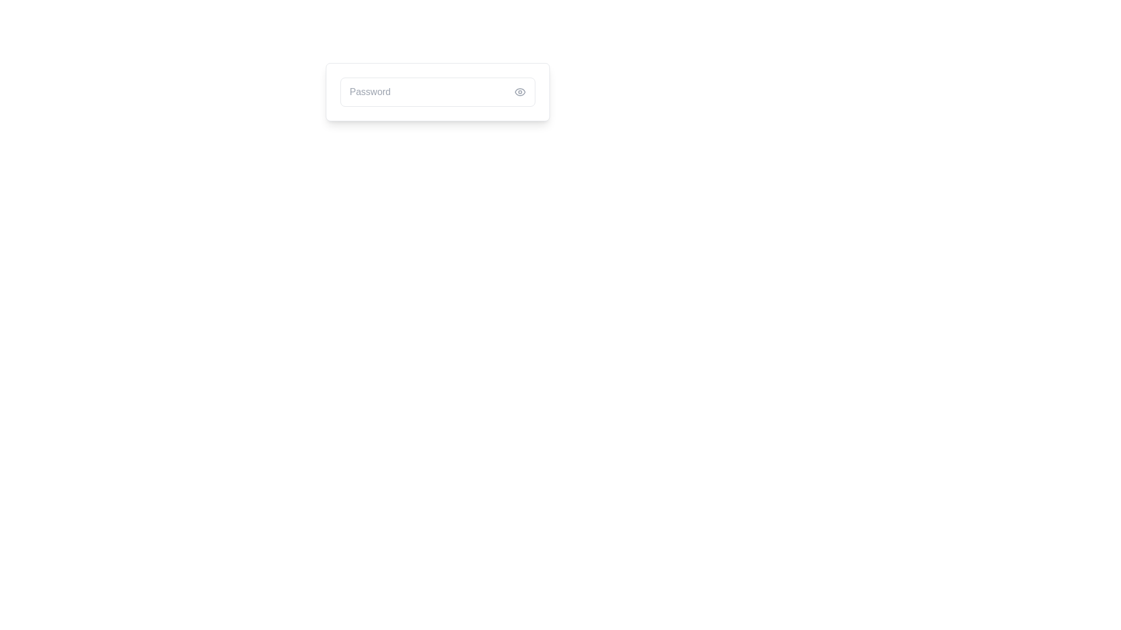 Image resolution: width=1121 pixels, height=630 pixels. Describe the element at coordinates (520, 92) in the screenshot. I see `the eye-shaped icon button, which is light gray and positioned within the password input field` at that location.